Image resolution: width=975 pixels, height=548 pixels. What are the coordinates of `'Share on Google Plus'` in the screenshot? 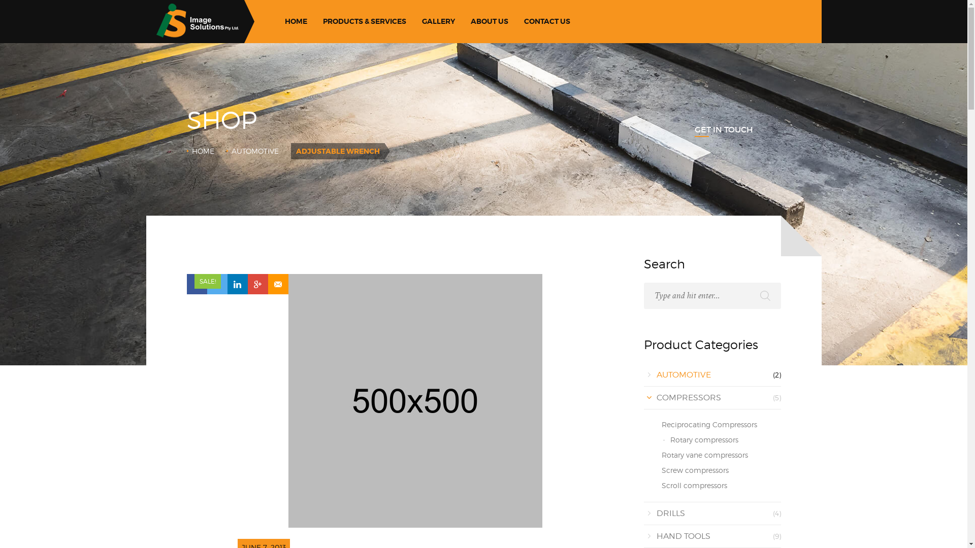 It's located at (258, 284).